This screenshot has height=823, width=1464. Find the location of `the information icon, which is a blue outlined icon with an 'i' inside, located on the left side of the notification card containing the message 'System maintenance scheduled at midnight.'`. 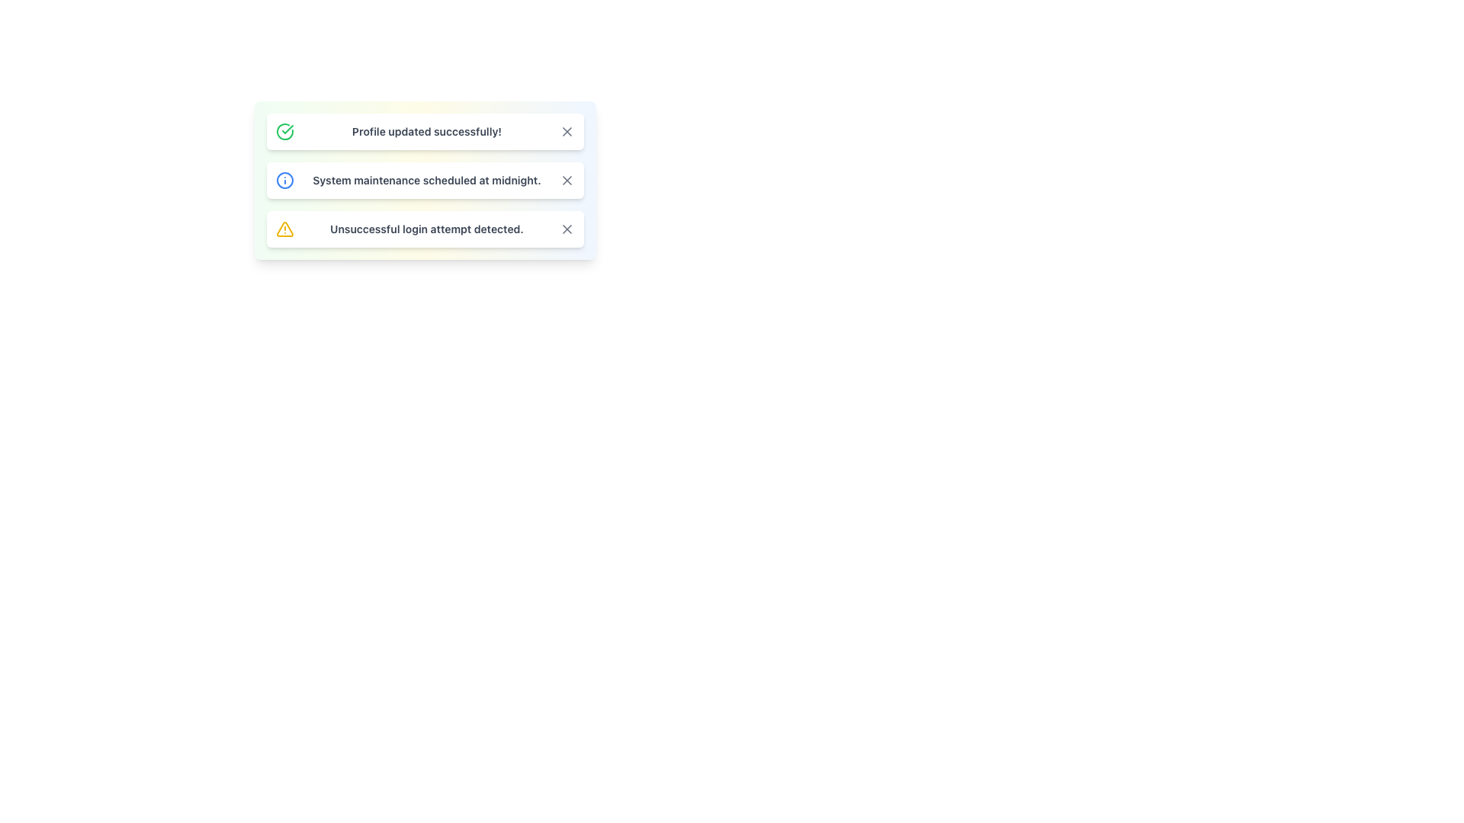

the information icon, which is a blue outlined icon with an 'i' inside, located on the left side of the notification card containing the message 'System maintenance scheduled at midnight.' is located at coordinates (285, 179).